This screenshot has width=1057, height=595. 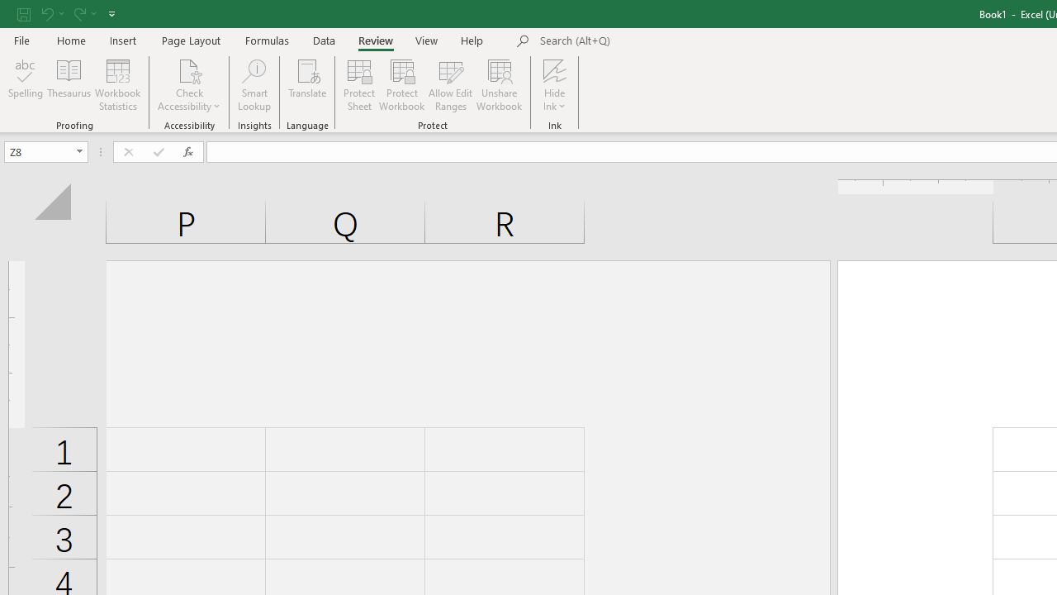 I want to click on 'Unshare Workbook', so click(x=498, y=85).